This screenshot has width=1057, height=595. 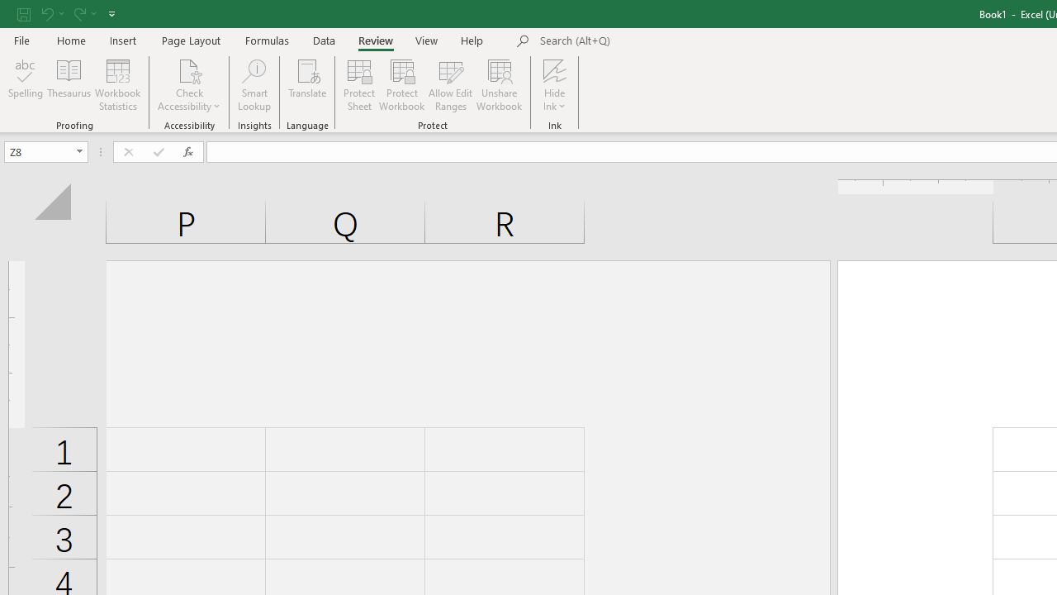 I want to click on 'Unshare Workbook', so click(x=498, y=85).